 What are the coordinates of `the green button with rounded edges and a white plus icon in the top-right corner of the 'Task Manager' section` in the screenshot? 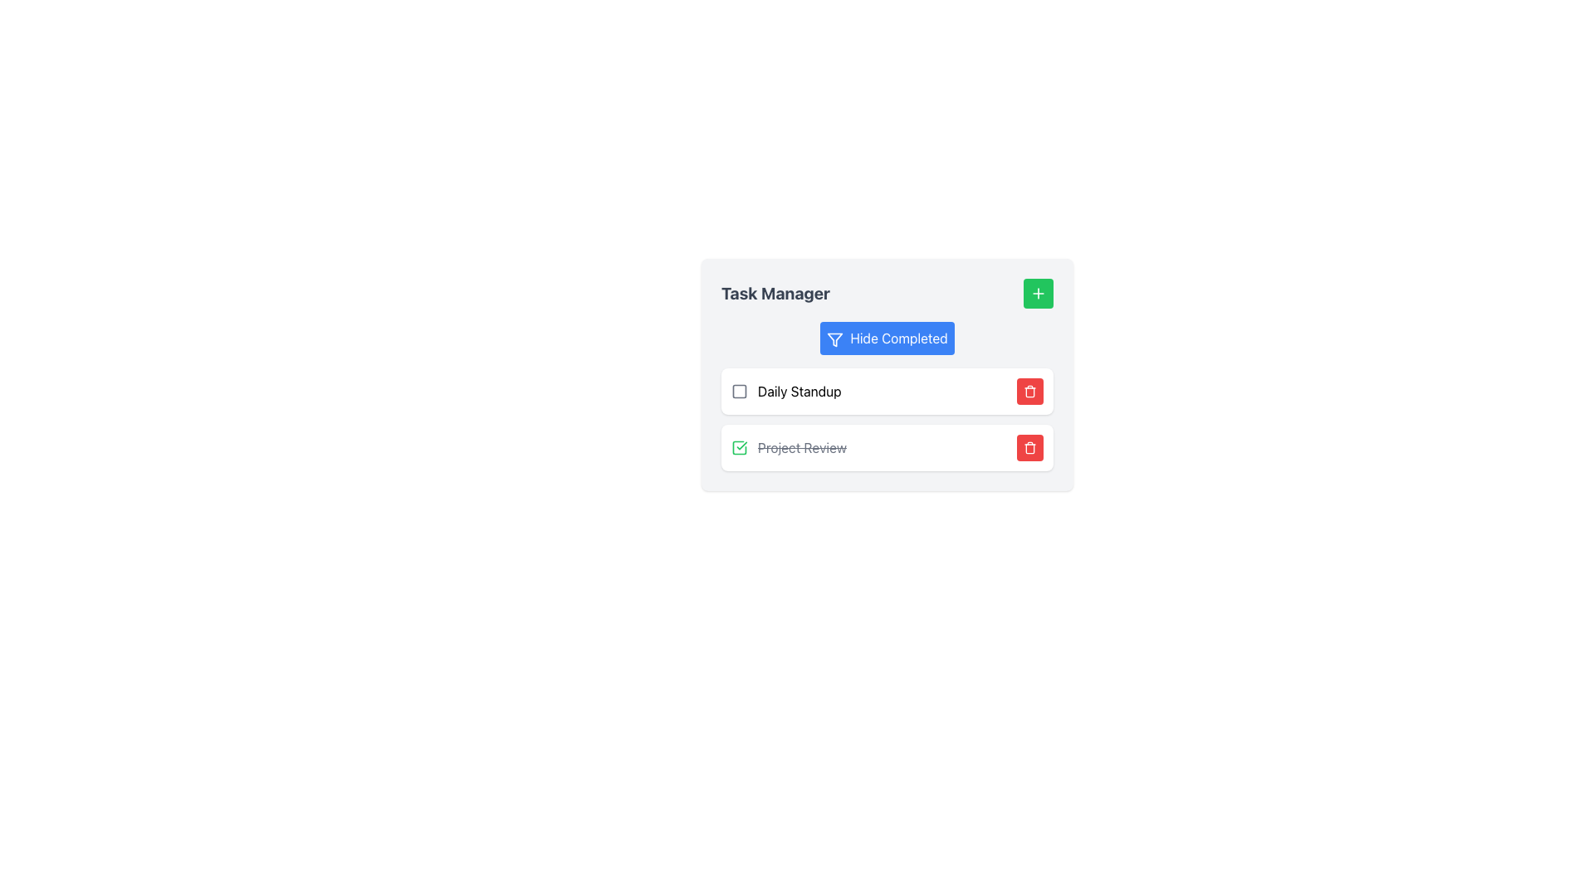 It's located at (1038, 293).